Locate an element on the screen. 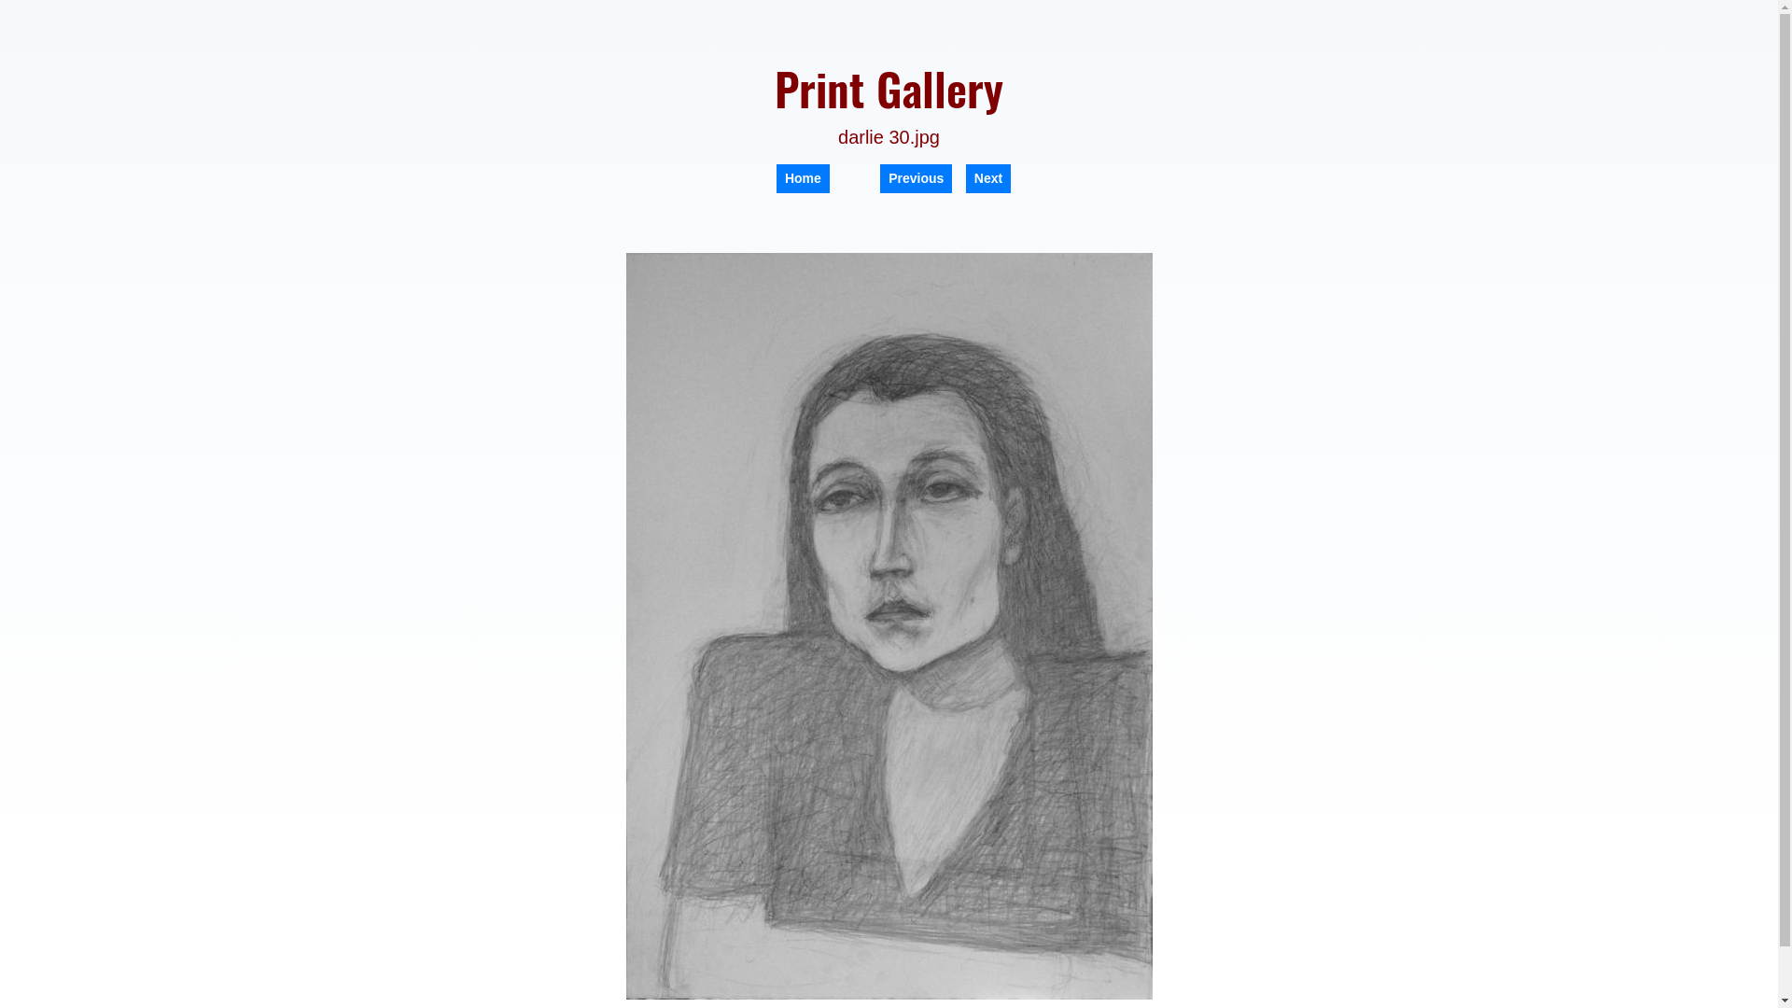 This screenshot has width=1792, height=1008. 'Next' is located at coordinates (987, 178).